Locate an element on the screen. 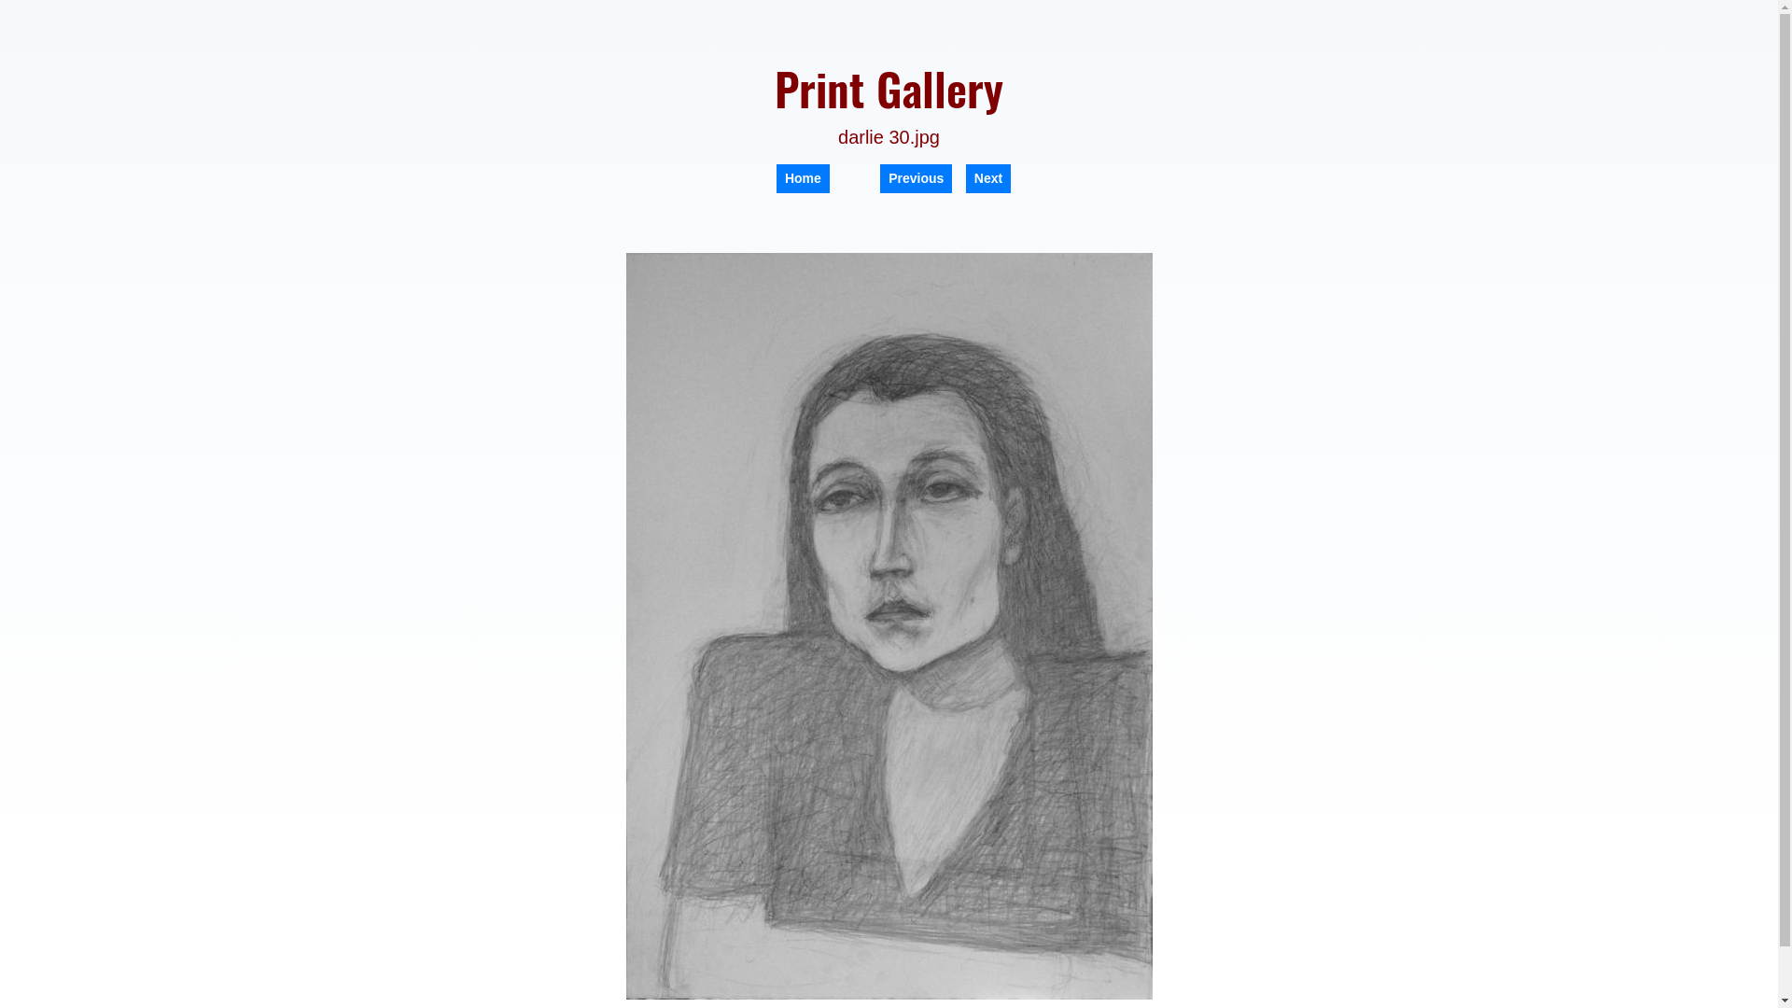 This screenshot has width=1792, height=1008. 'Next' is located at coordinates (987, 178).